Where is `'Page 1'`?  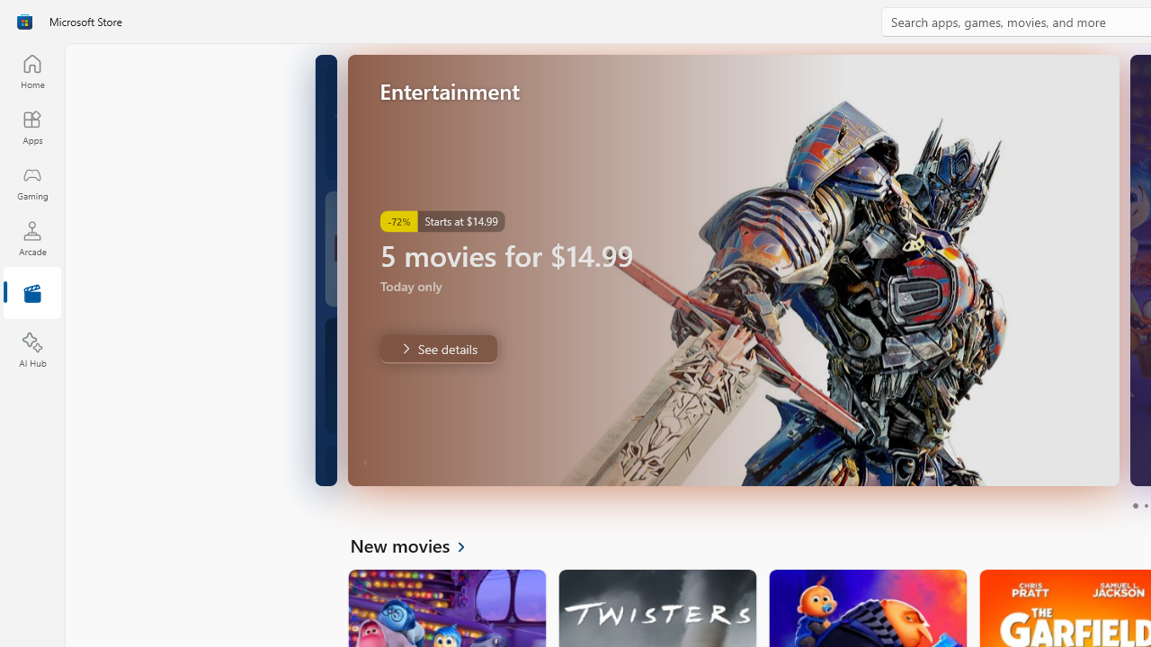 'Page 1' is located at coordinates (1134, 506).